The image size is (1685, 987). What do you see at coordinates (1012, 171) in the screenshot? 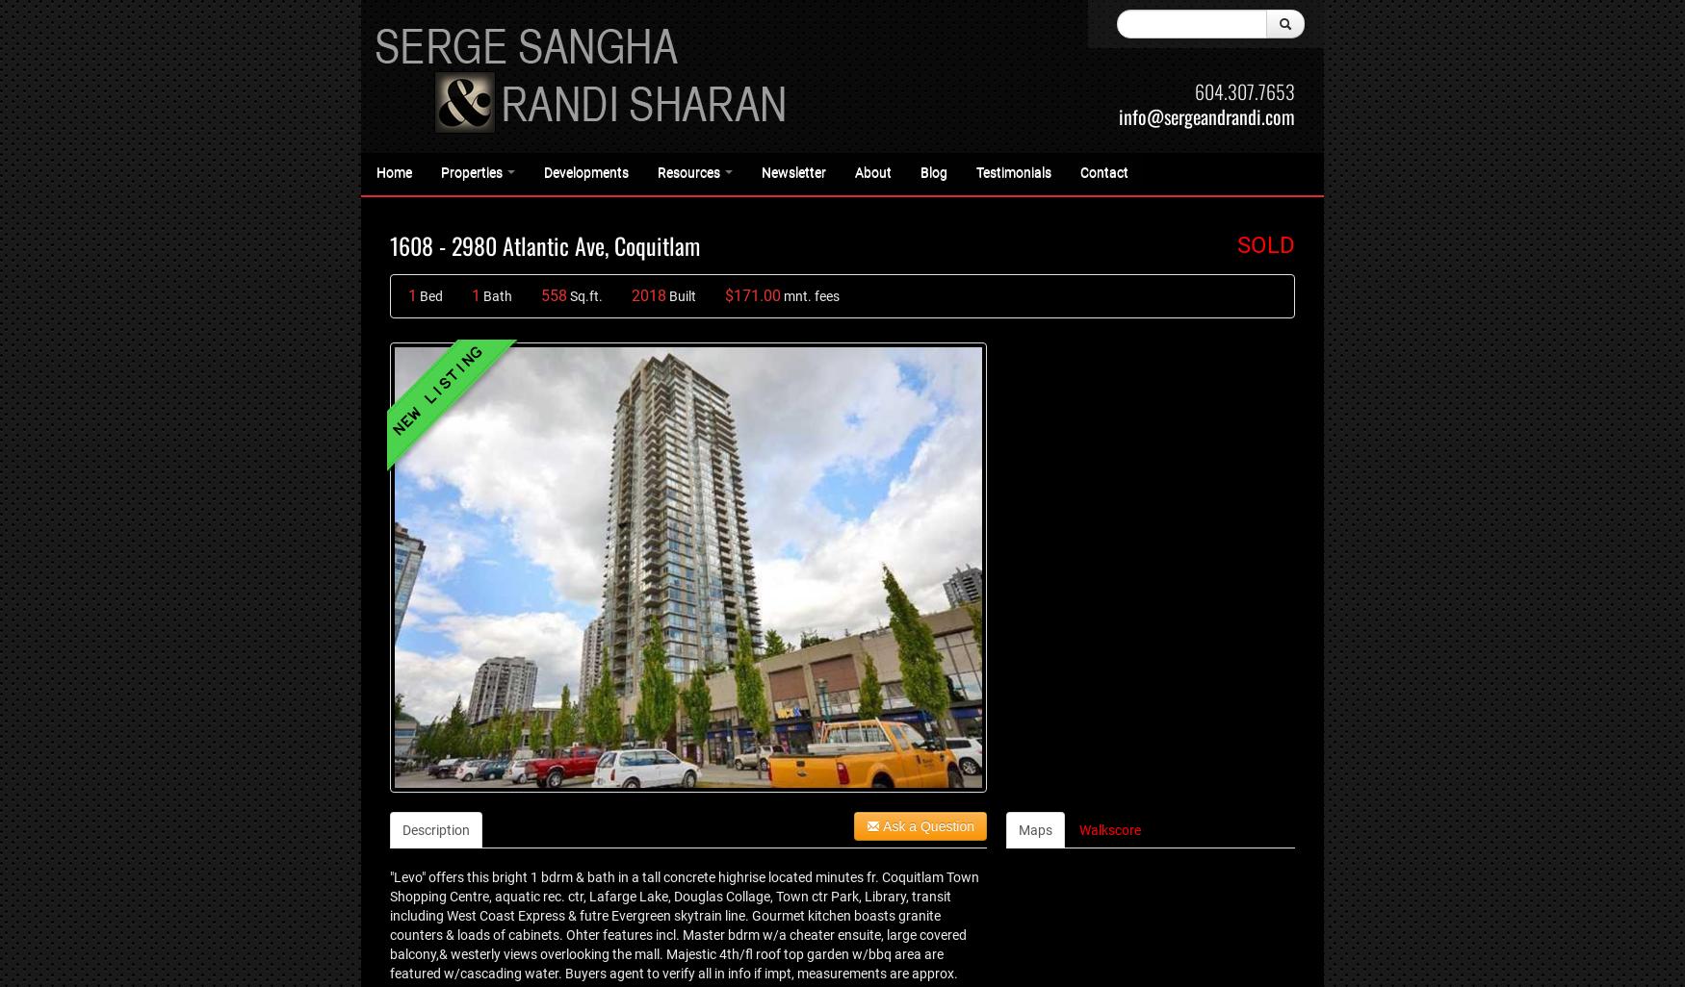
I see `'Testimonials'` at bounding box center [1012, 171].